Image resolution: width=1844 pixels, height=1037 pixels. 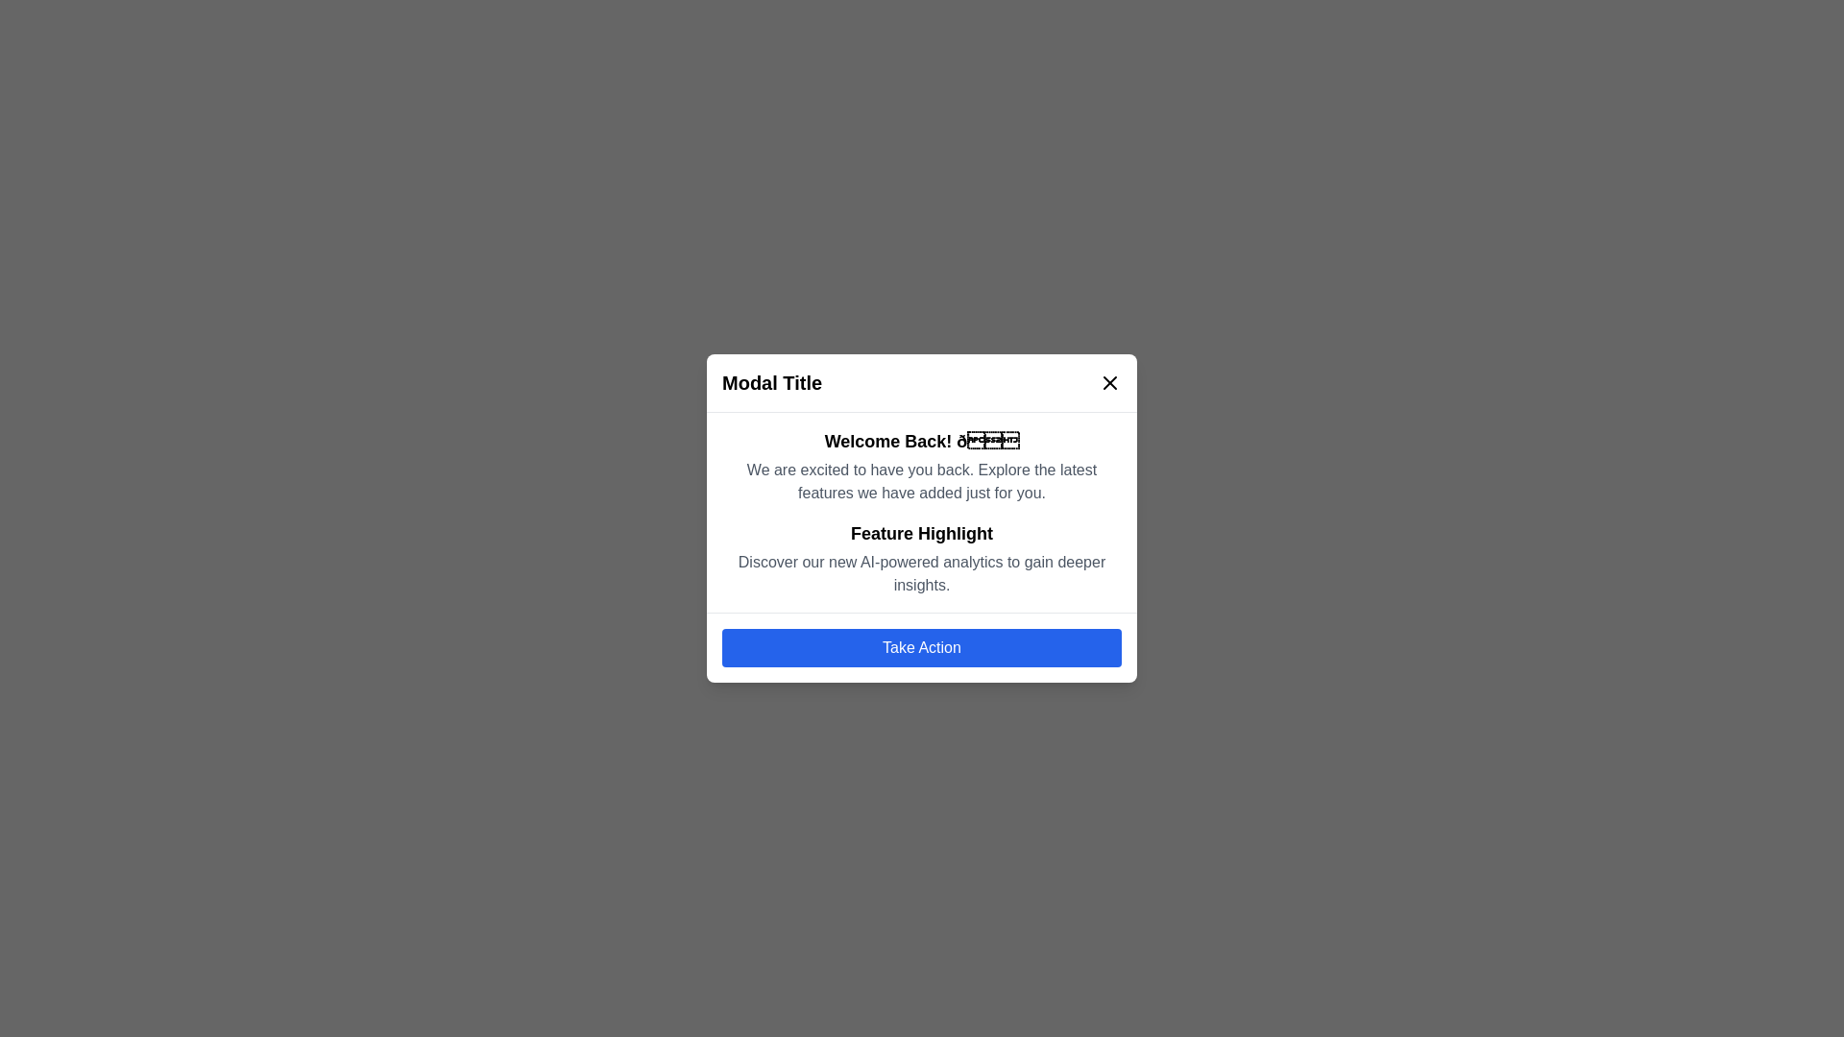 I want to click on the close button located at the top-right corner of the modal header section to change its color to red, so click(x=1110, y=382).